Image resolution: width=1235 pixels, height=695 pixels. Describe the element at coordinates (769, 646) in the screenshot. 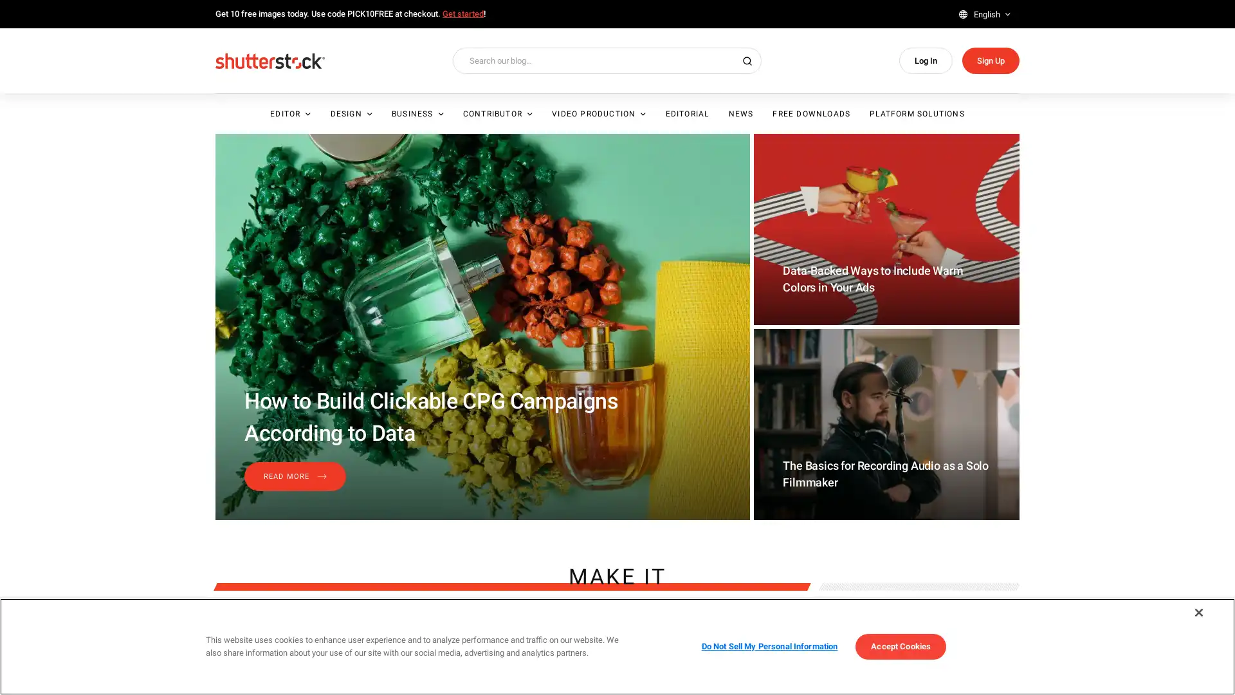

I see `Do Not Sell My Personal Information` at that location.